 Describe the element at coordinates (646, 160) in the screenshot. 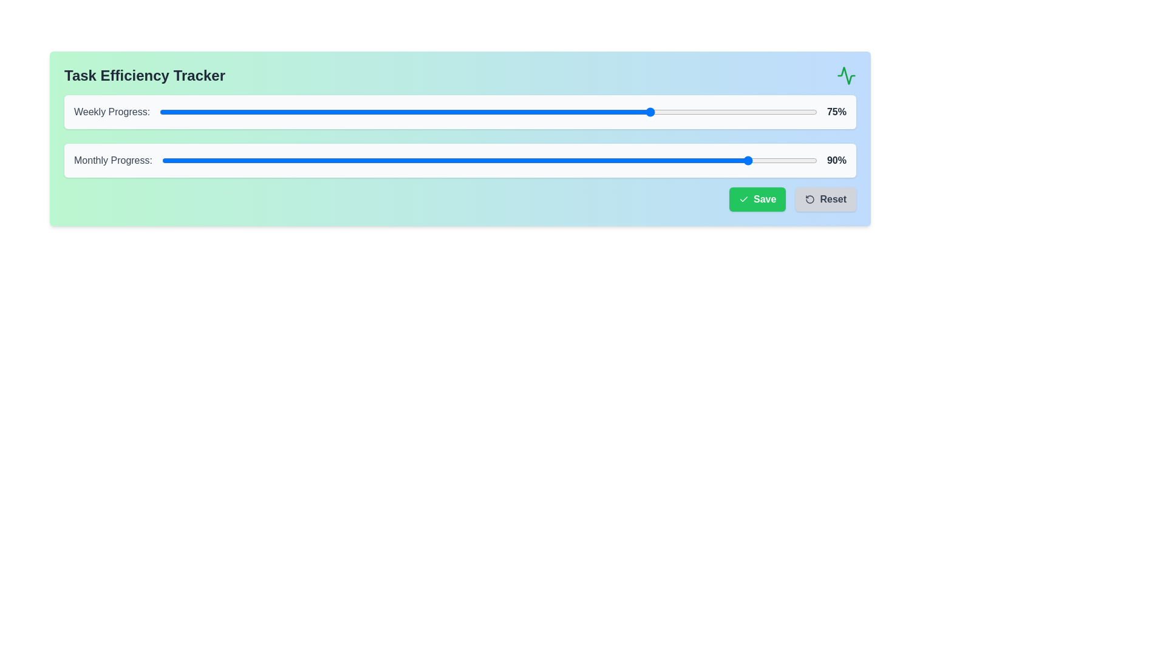

I see `the Monthly Progress slider to 74%` at that location.